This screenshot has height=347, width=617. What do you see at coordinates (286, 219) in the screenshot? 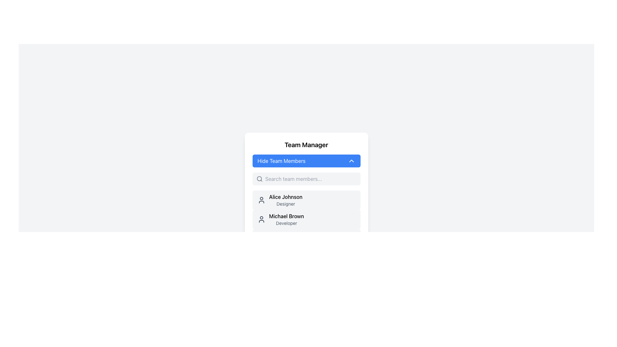
I see `the list item displaying 'Michael Brown - Developer' in the 'Team Manager' section of the team management interface` at bounding box center [286, 219].